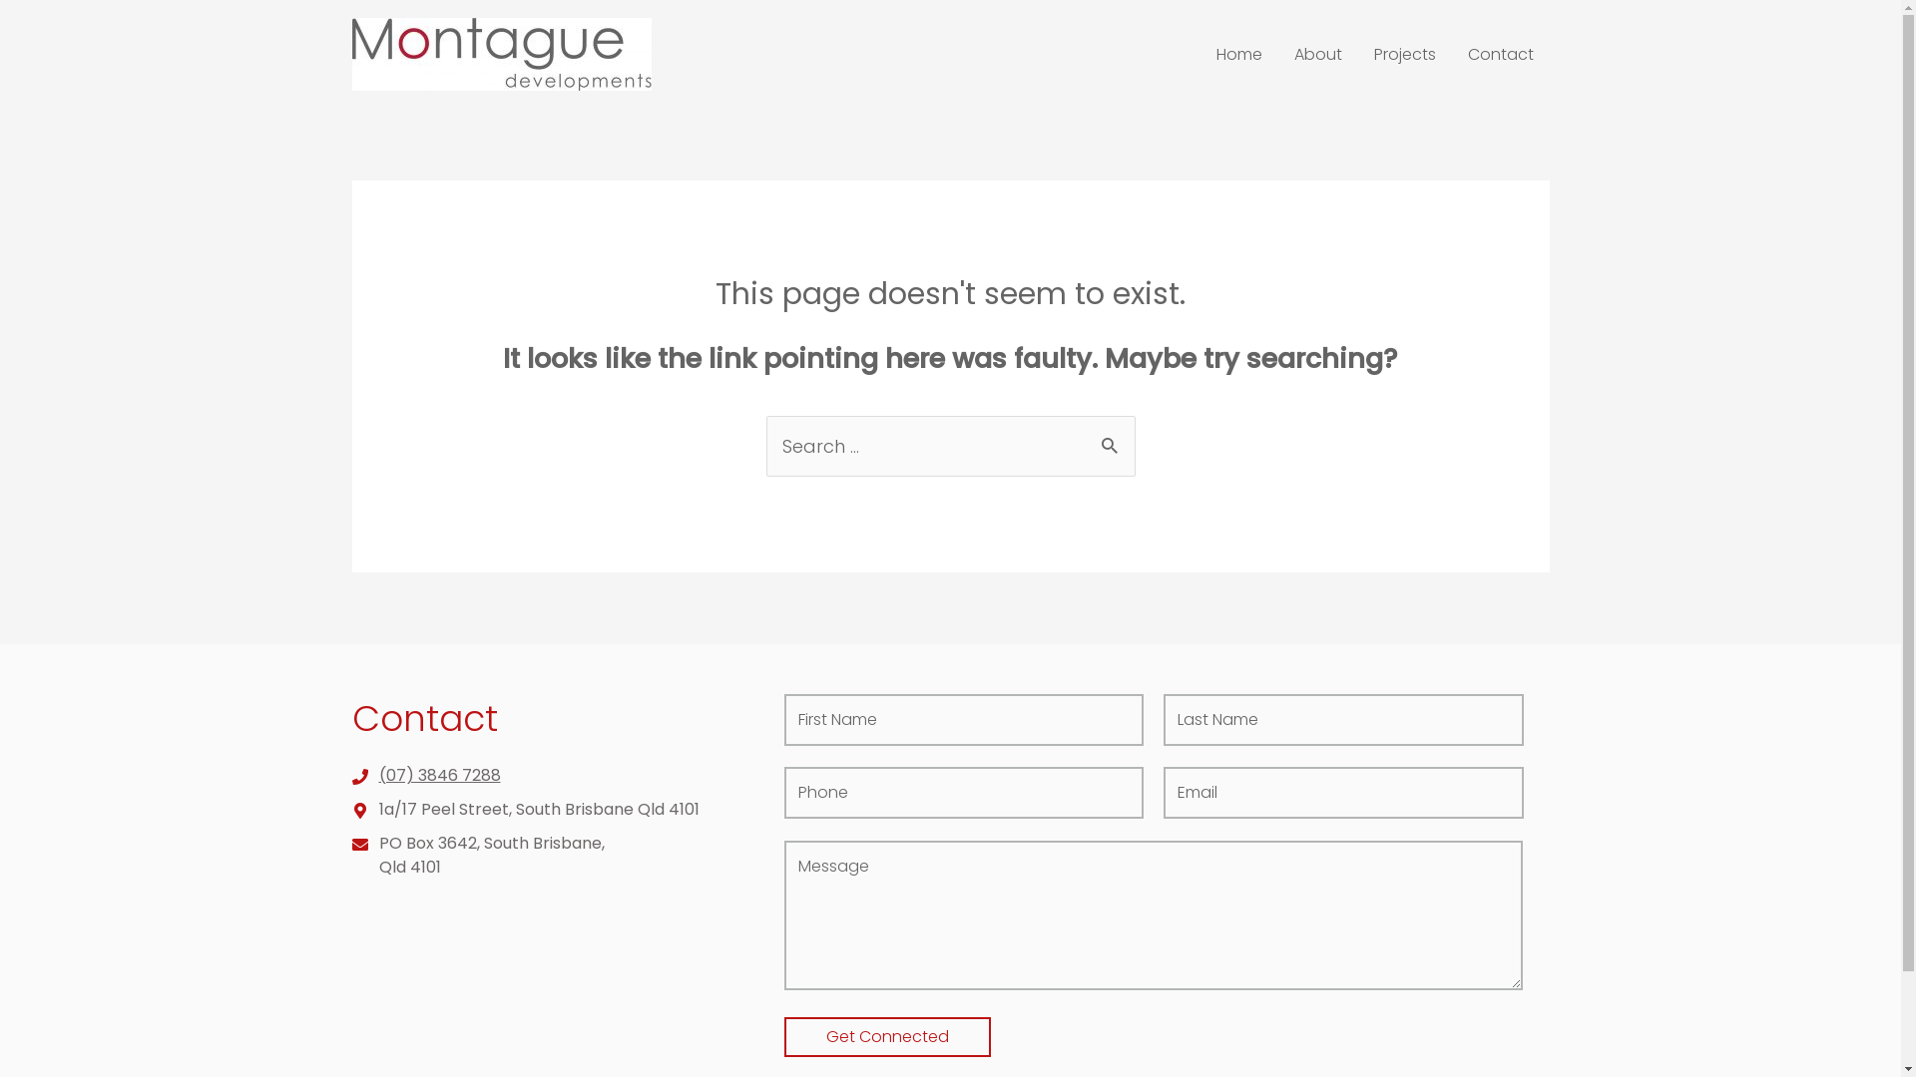 The width and height of the screenshot is (1916, 1077). I want to click on 'About', so click(1317, 53).